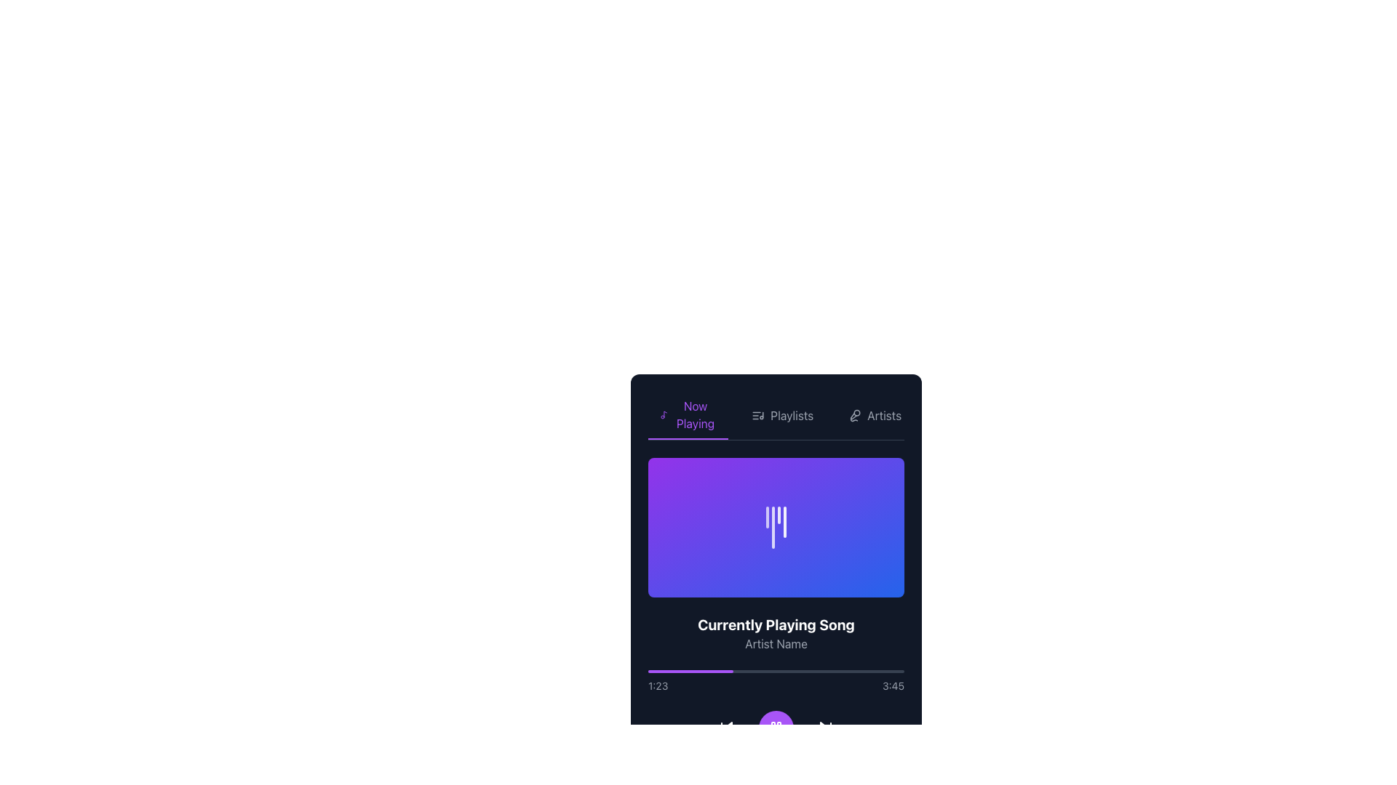  What do you see at coordinates (687, 415) in the screenshot?
I see `the 'Now Playing' tab button, which features purple text and a music note icon` at bounding box center [687, 415].